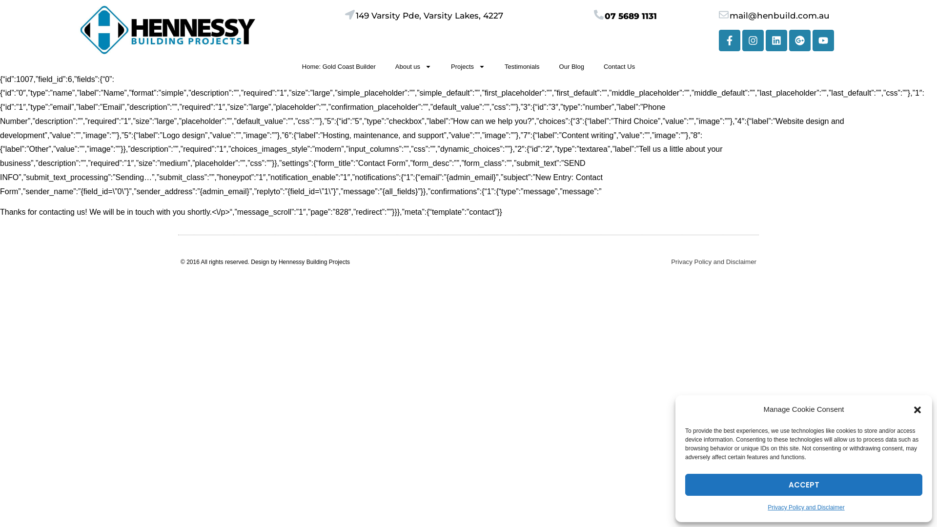  What do you see at coordinates (339, 66) in the screenshot?
I see `'Home: Gold Coast Builder'` at bounding box center [339, 66].